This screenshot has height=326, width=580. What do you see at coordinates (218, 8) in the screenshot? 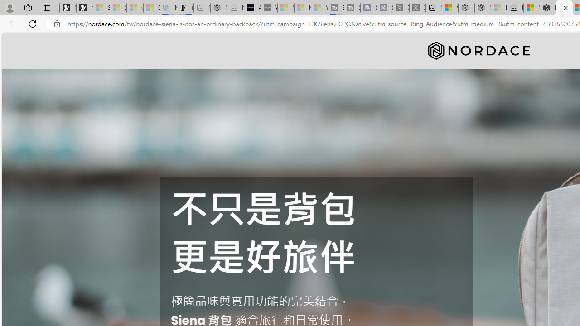
I see `'Nordace - #1 Japanese Best-Seller - Siena Smart Backpack'` at bounding box center [218, 8].